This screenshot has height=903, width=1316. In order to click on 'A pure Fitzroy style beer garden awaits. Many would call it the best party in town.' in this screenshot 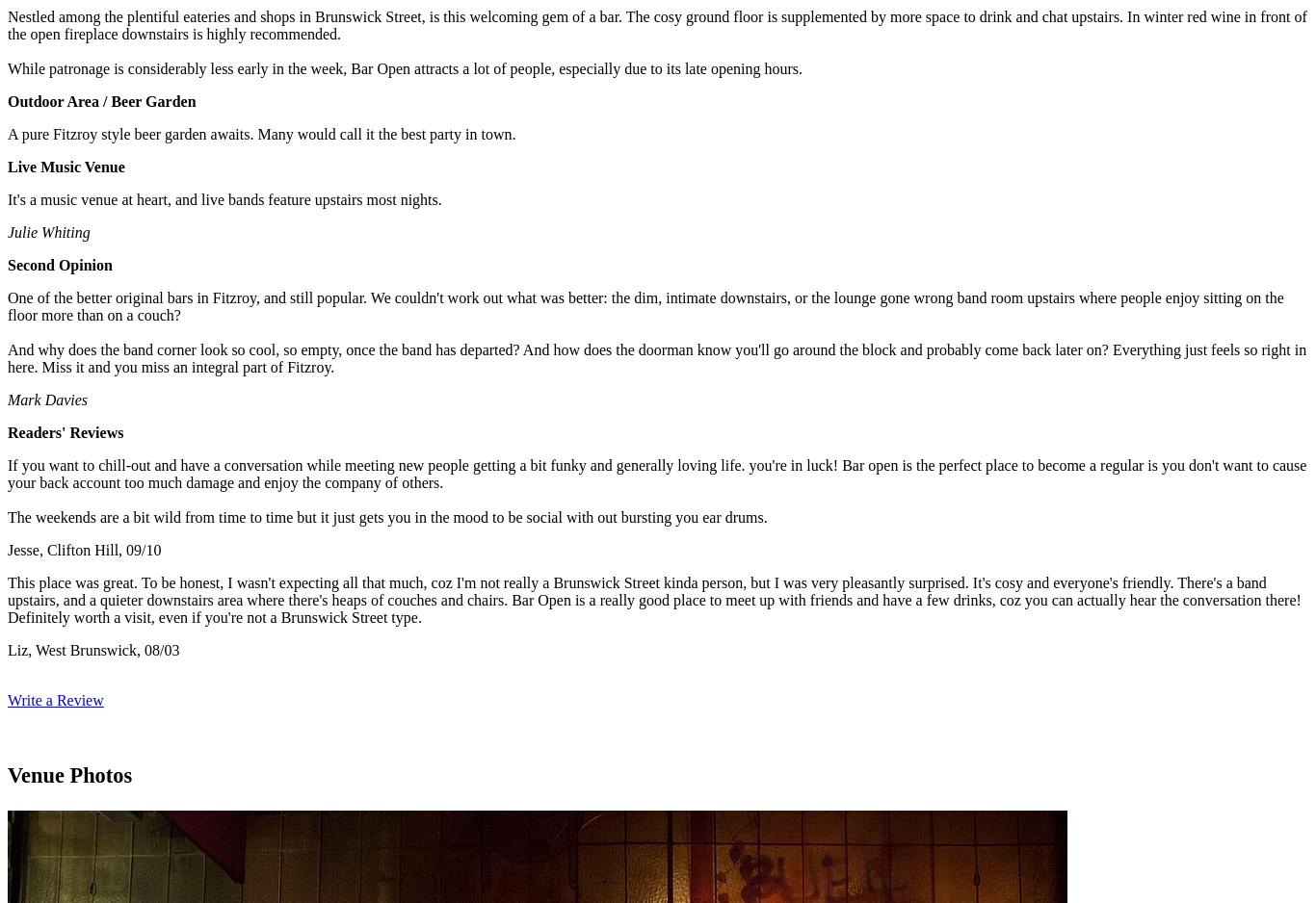, I will do `click(261, 133)`.